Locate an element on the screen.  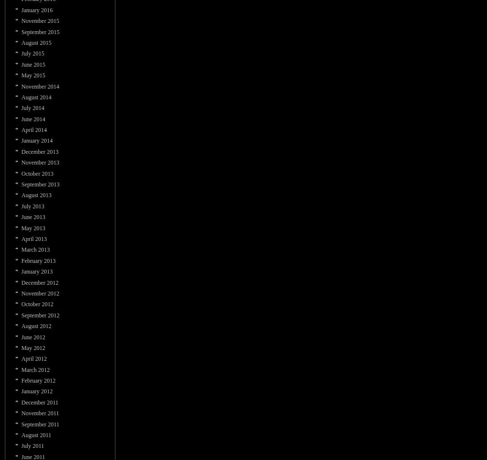
'August 2015' is located at coordinates (36, 42).